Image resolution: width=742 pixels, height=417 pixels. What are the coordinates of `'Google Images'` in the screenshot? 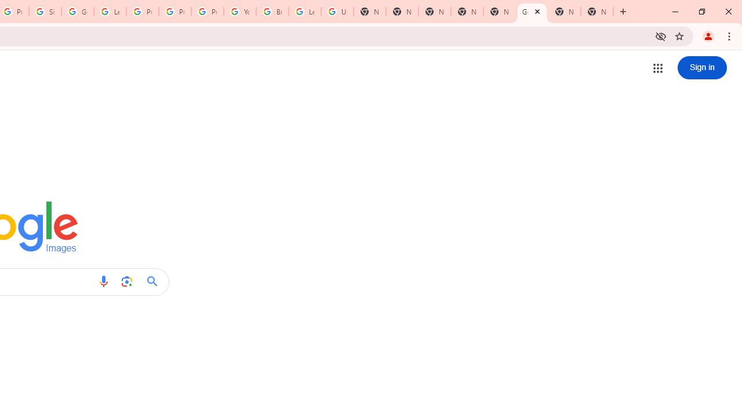 It's located at (531, 12).